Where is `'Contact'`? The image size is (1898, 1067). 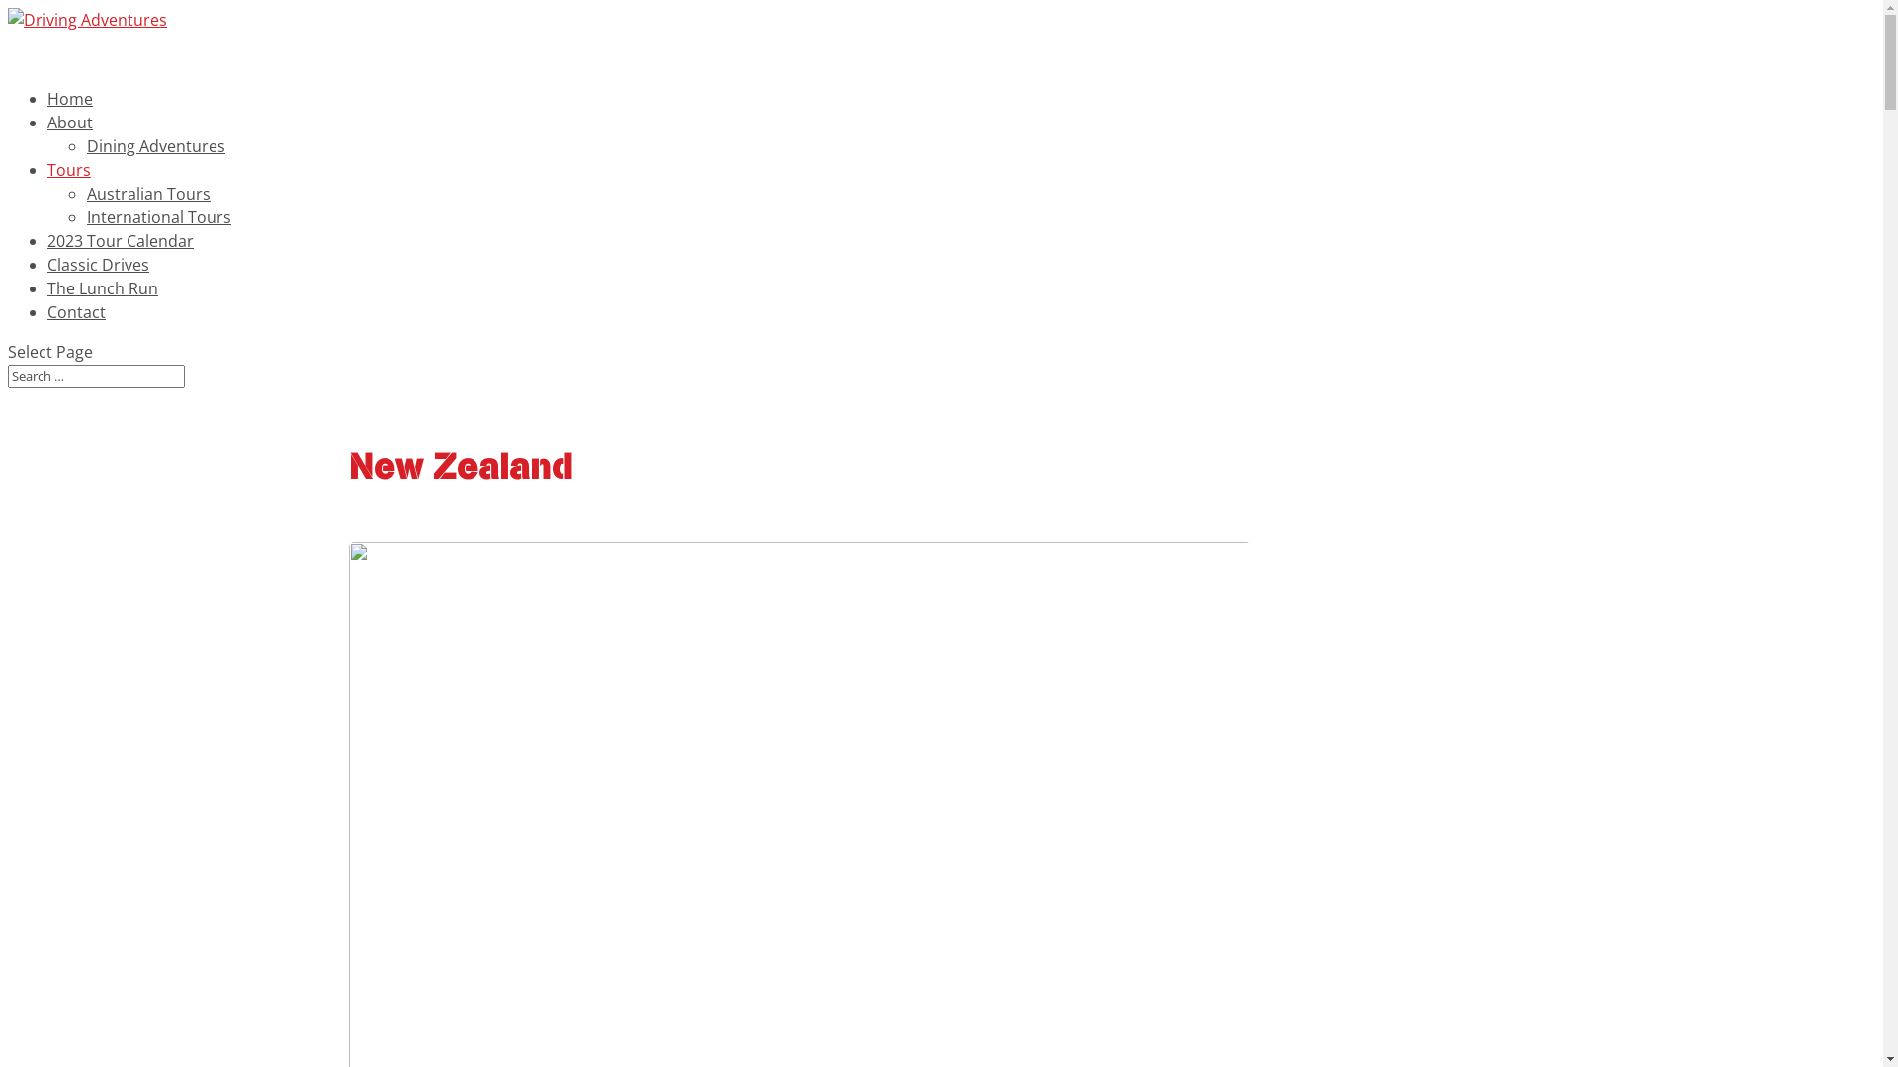 'Contact' is located at coordinates (47, 330).